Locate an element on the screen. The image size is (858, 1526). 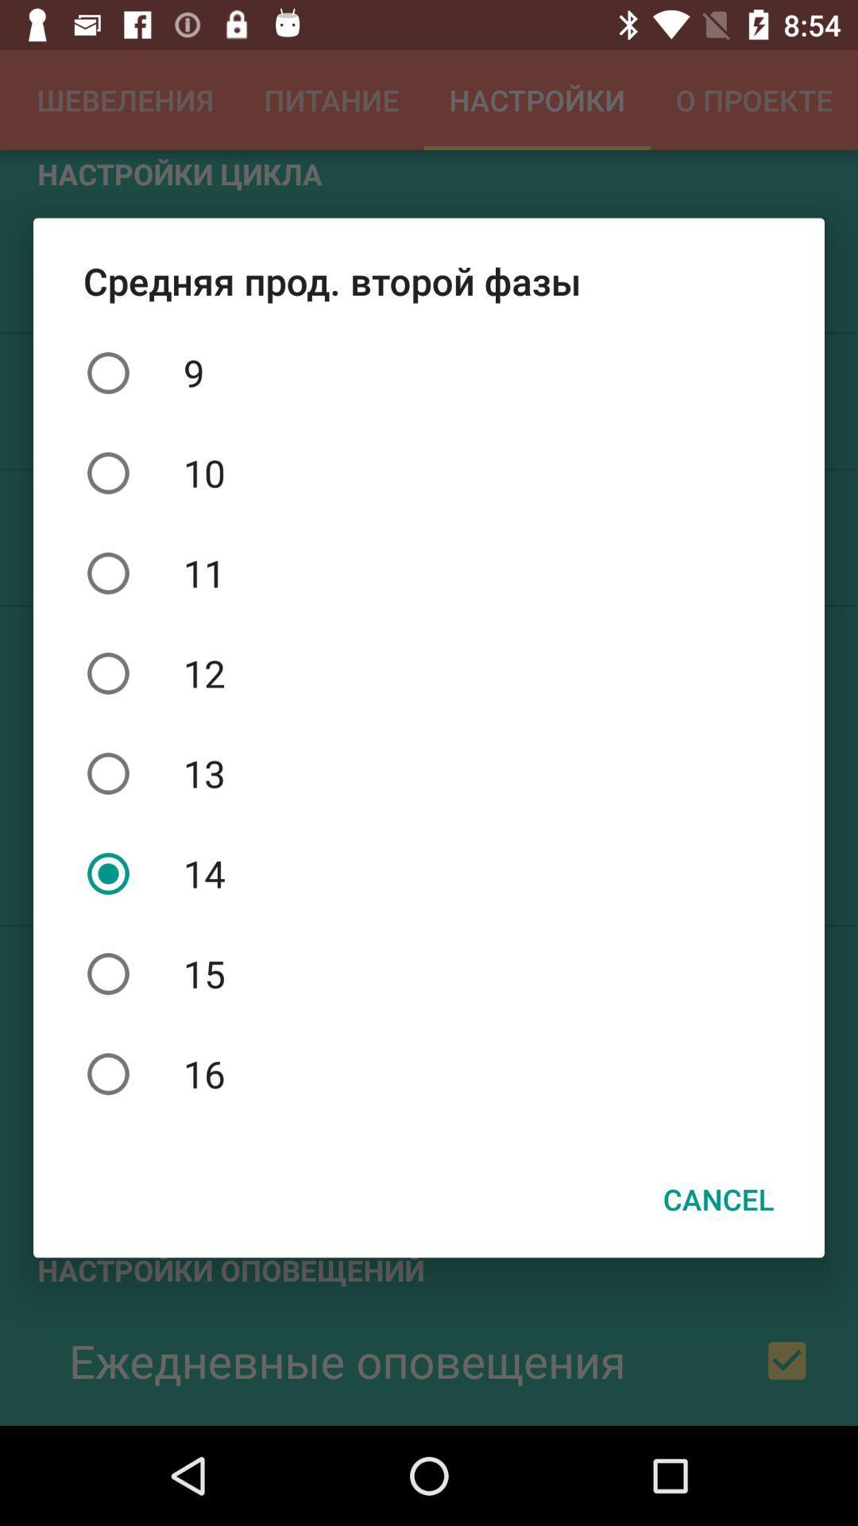
15 is located at coordinates (429, 973).